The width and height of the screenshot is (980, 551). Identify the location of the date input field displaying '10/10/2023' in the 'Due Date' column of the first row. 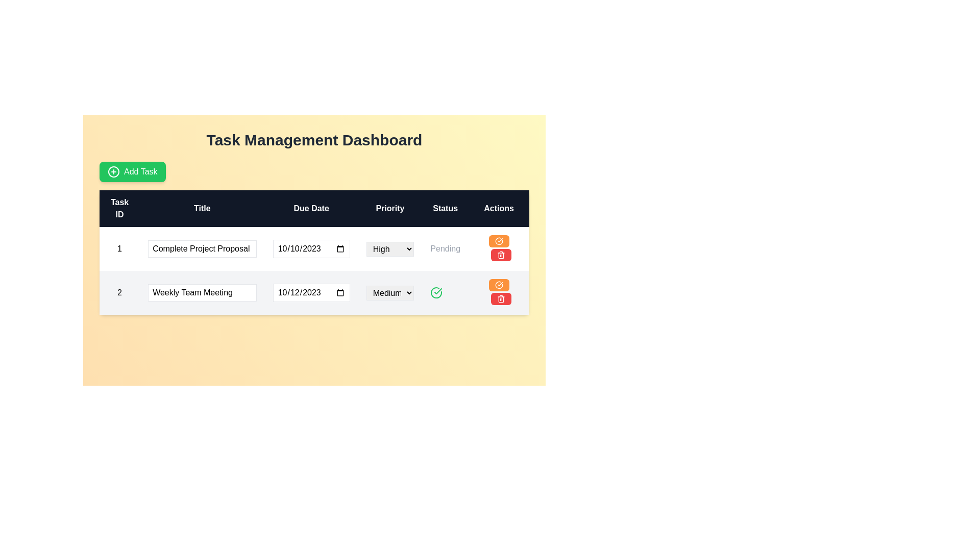
(311, 249).